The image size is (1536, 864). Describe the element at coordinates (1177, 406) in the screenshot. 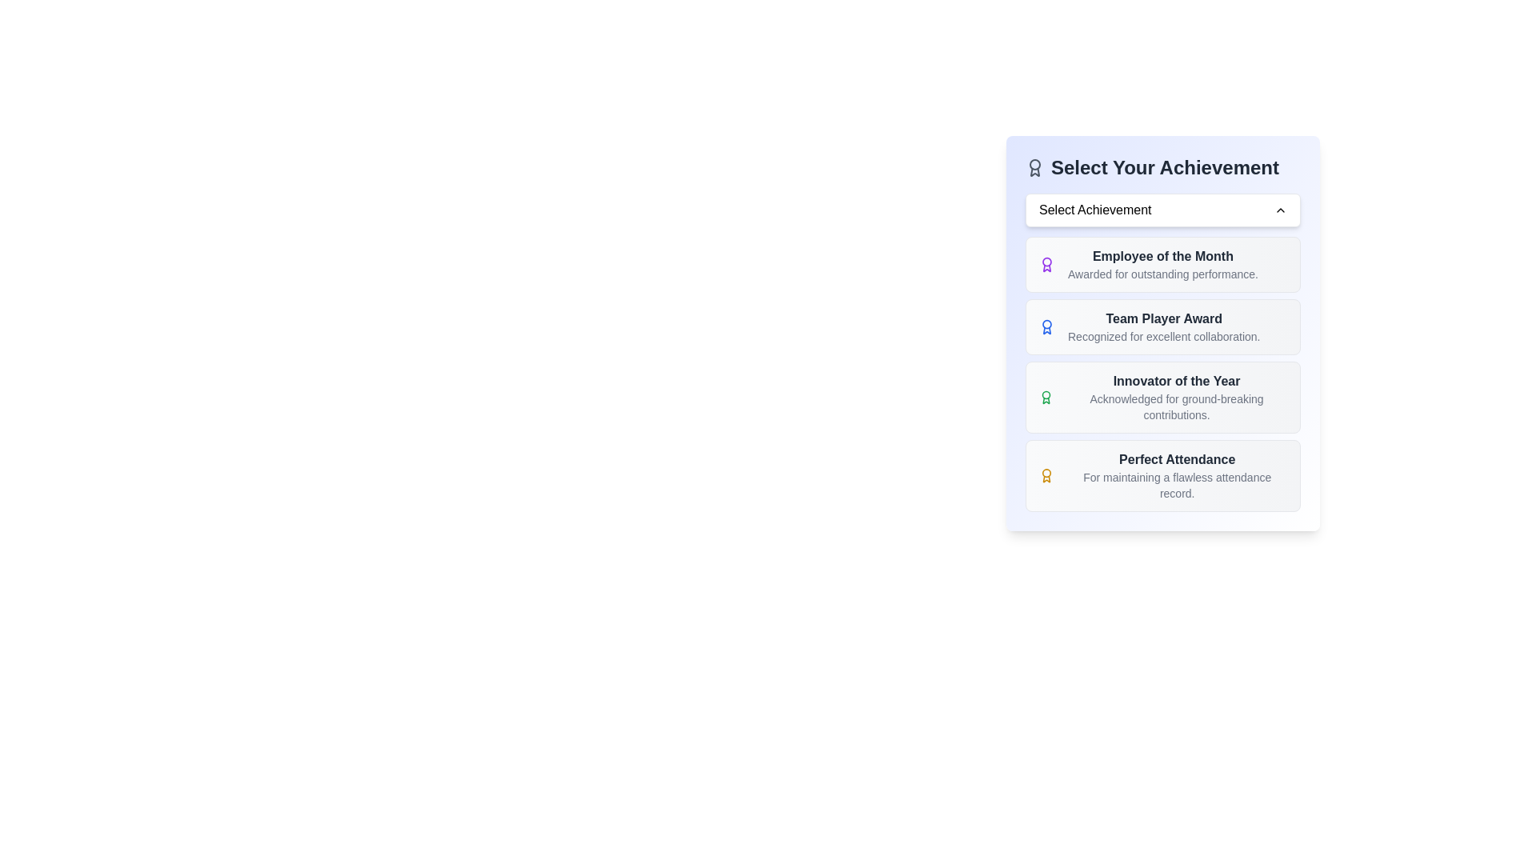

I see `descriptive text about the accolade 'Innovator of the Year' located at the lower segment of the card, centered horizontally beneath the title` at that location.